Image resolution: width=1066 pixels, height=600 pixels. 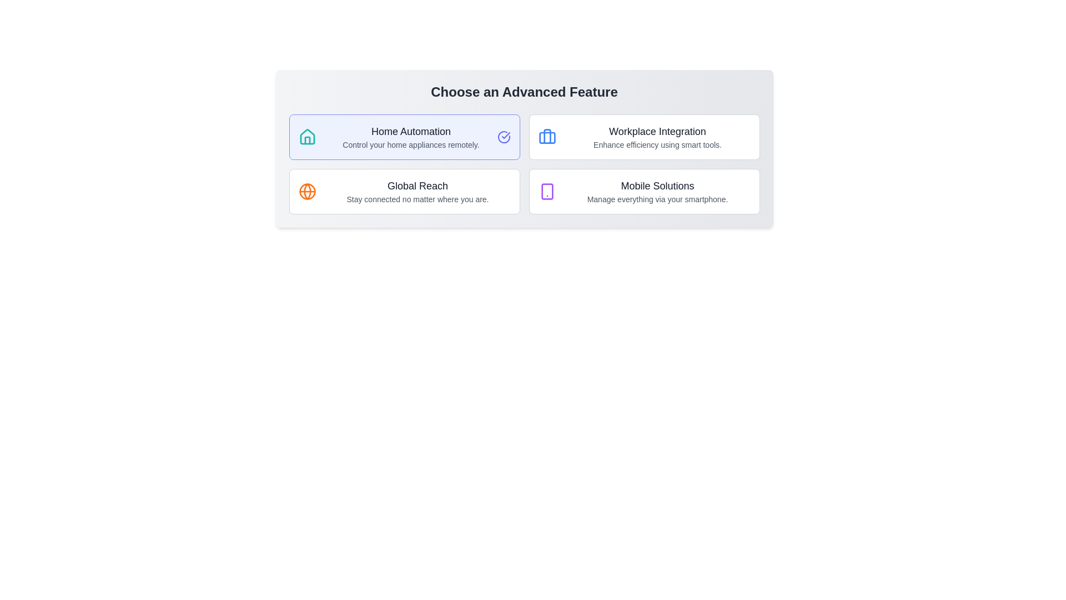 What do you see at coordinates (307, 191) in the screenshot?
I see `the orange globe icon with a grid pattern located to the left of the 'Global Reach' text in the second card of the grid` at bounding box center [307, 191].